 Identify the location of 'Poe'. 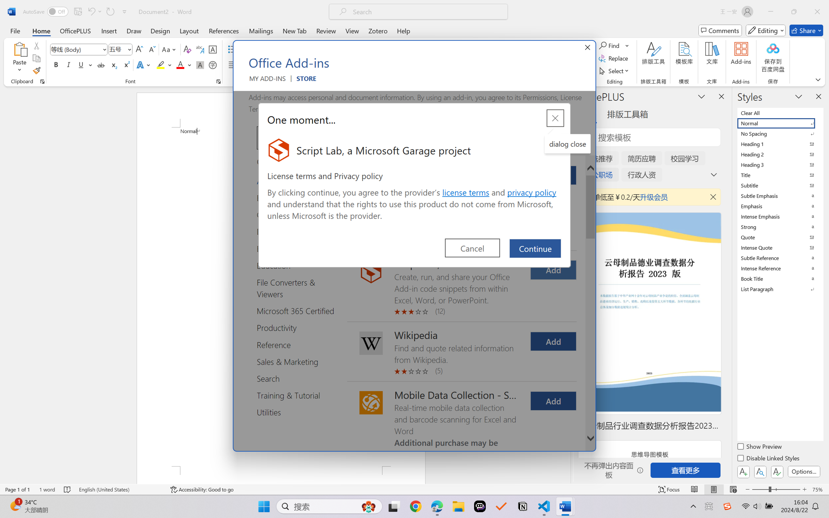
(480, 506).